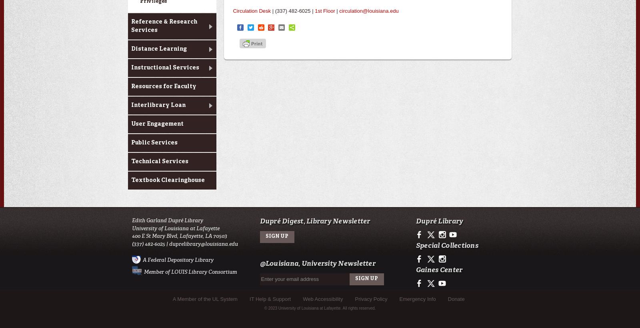 This screenshot has height=328, width=640. I want to click on 'IT Help & Support', so click(270, 298).